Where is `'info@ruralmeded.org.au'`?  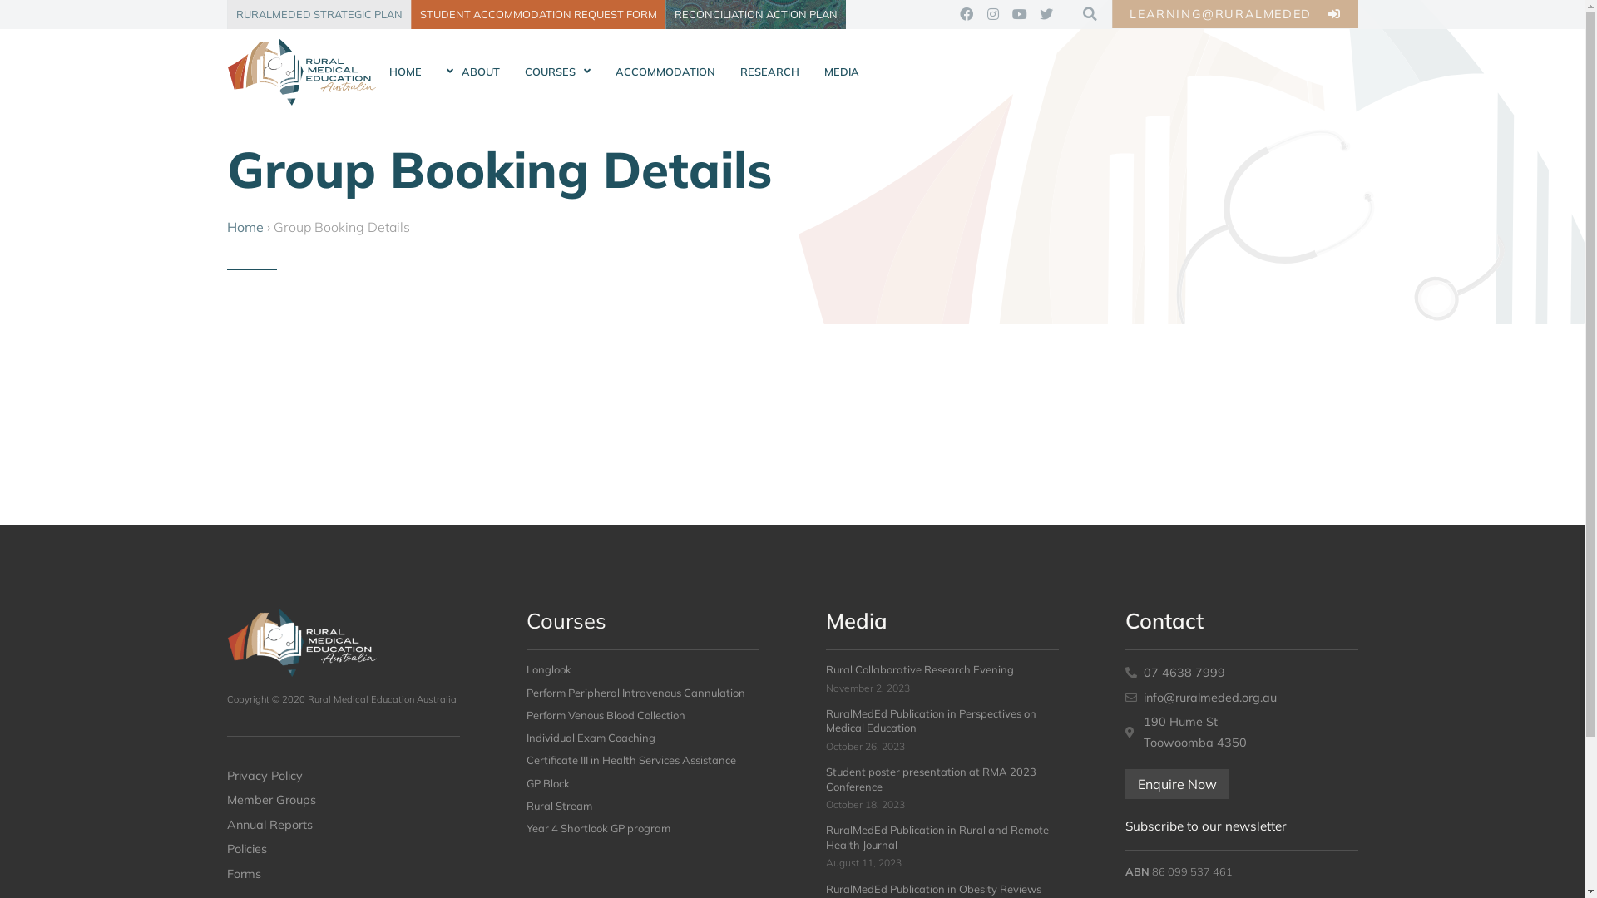 'info@ruralmeded.org.au' is located at coordinates (1241, 698).